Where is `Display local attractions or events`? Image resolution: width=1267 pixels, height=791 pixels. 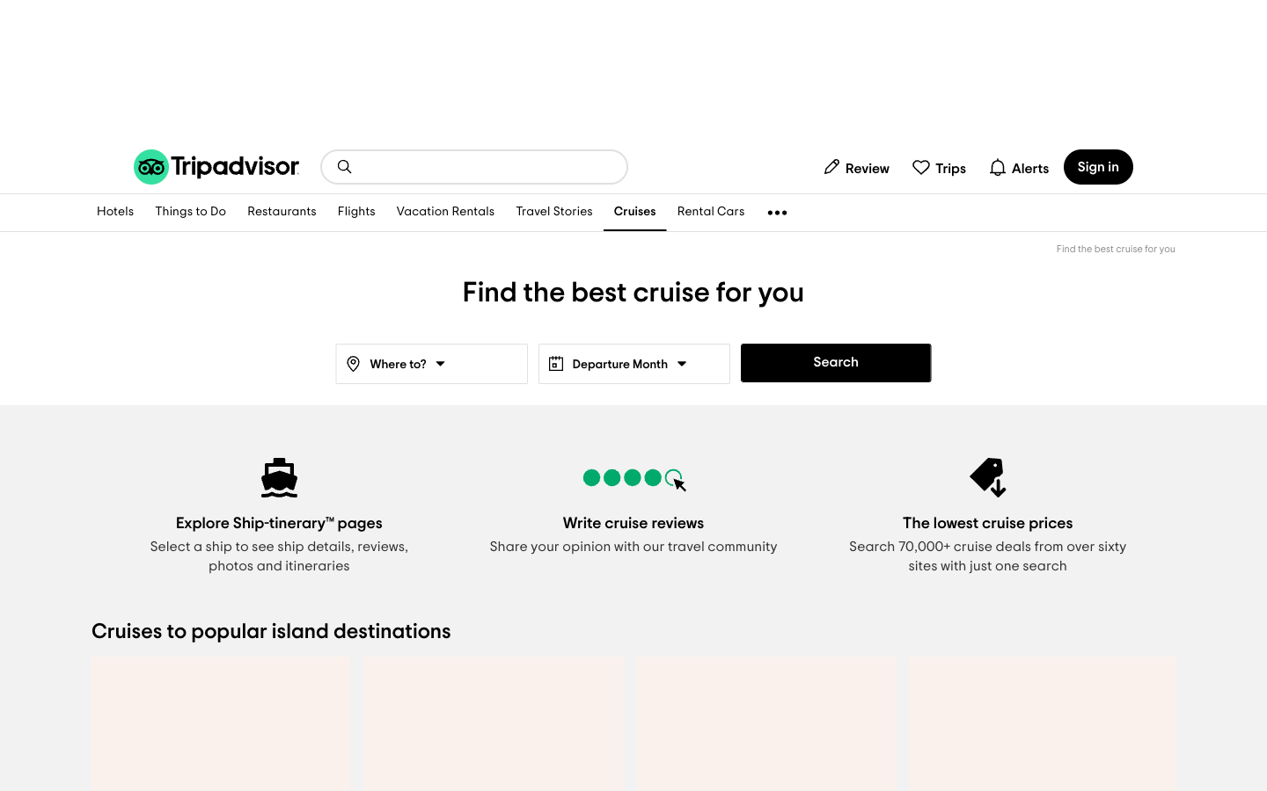 Display local attractions or events is located at coordinates (190, 212).